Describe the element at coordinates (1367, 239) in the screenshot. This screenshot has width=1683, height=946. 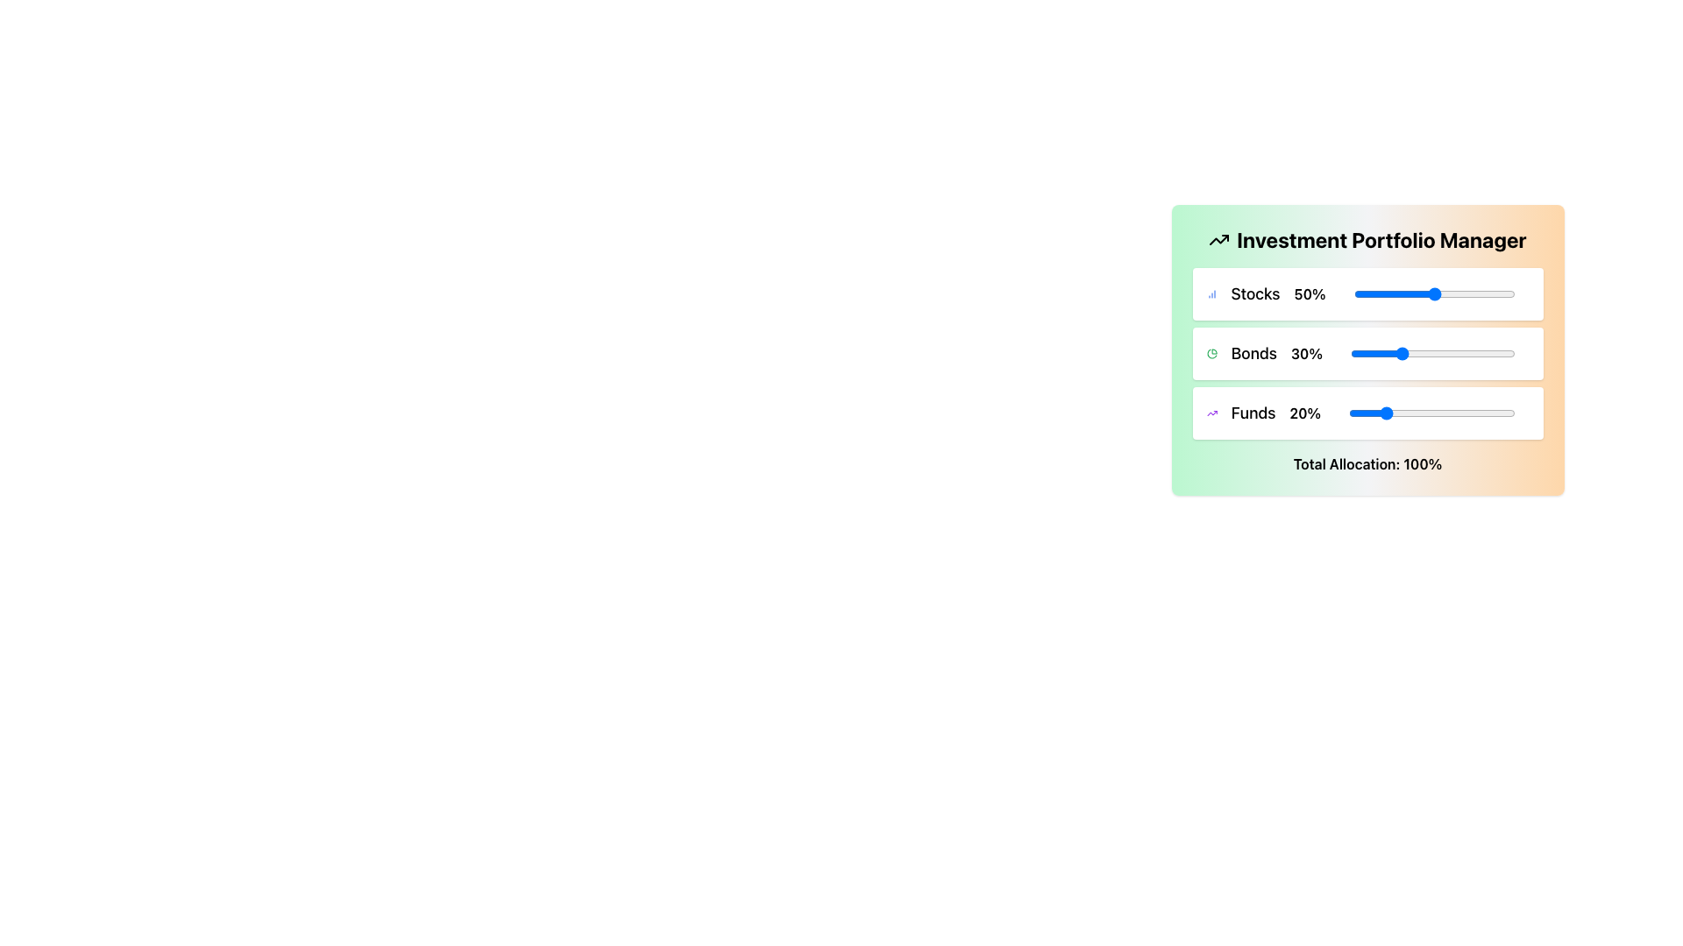
I see `title text 'Investment Portfolio Manager' that is styled in bold and positioned at the top of the card layout, accompanied by an upward-trending line chart icon` at that location.